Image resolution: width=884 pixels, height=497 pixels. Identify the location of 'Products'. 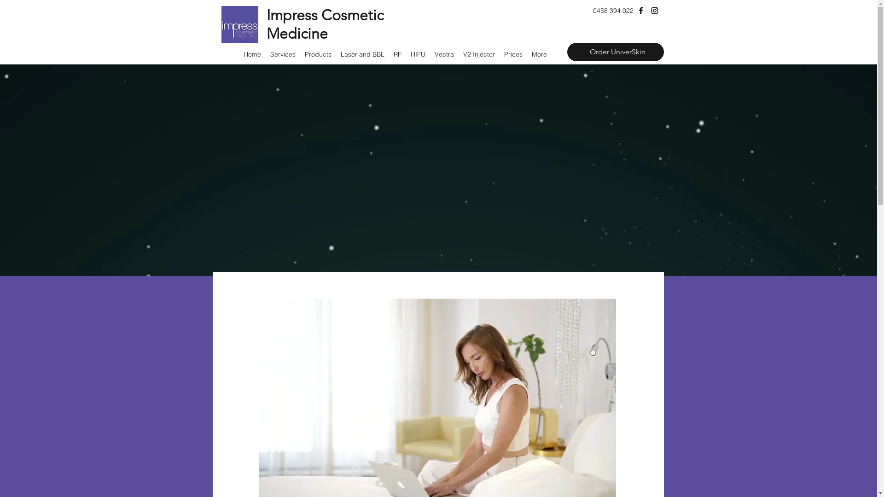
(300, 54).